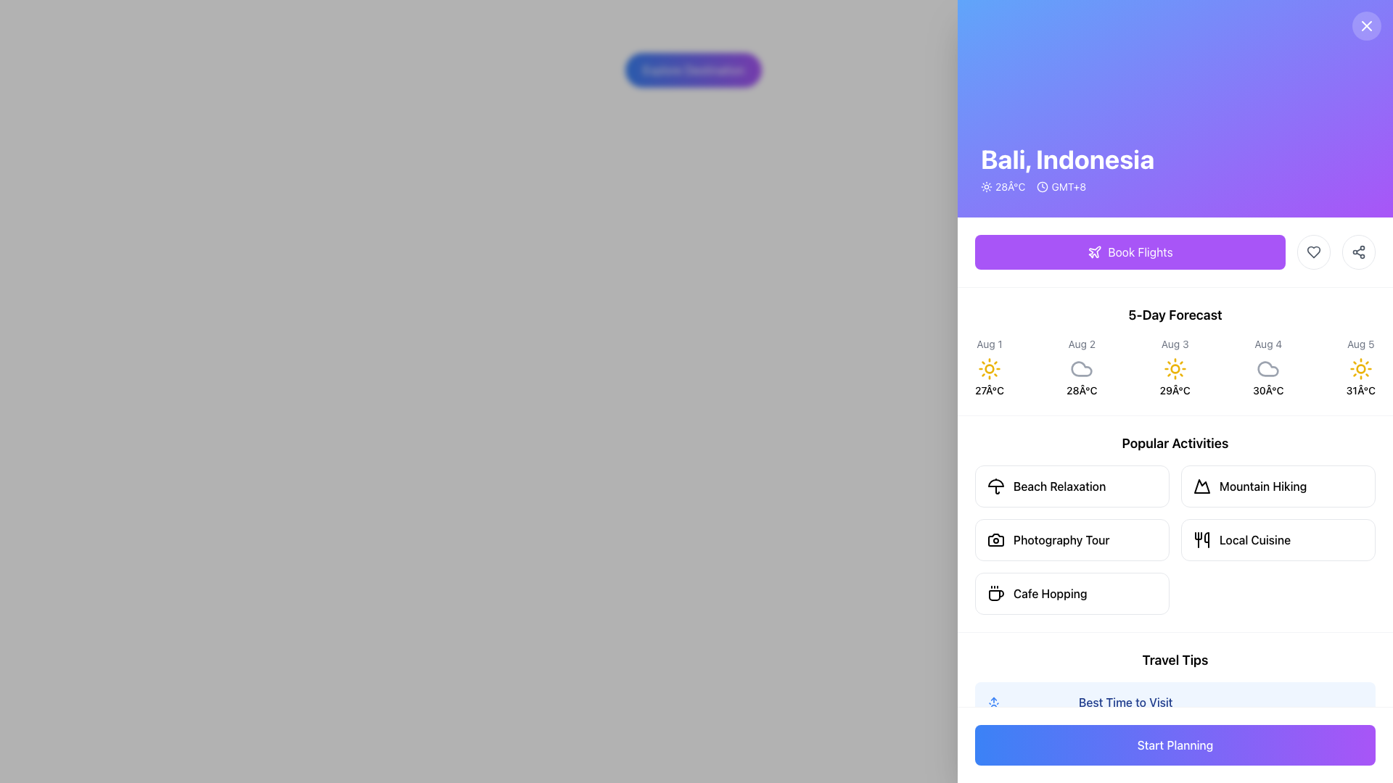 Image resolution: width=1393 pixels, height=783 pixels. I want to click on the airplane icon, so click(1095, 251).